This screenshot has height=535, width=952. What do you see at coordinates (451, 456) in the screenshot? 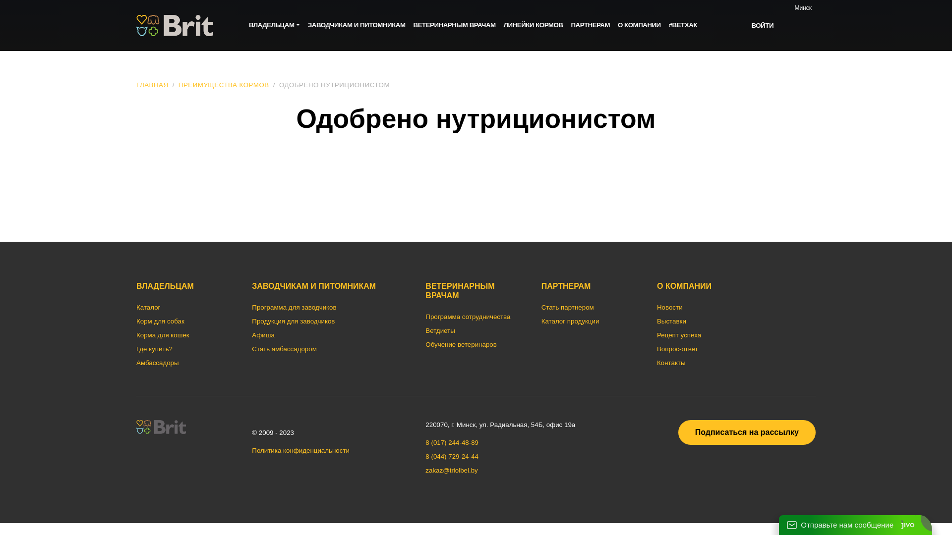
I see `'8 (044) 729-24-44'` at bounding box center [451, 456].